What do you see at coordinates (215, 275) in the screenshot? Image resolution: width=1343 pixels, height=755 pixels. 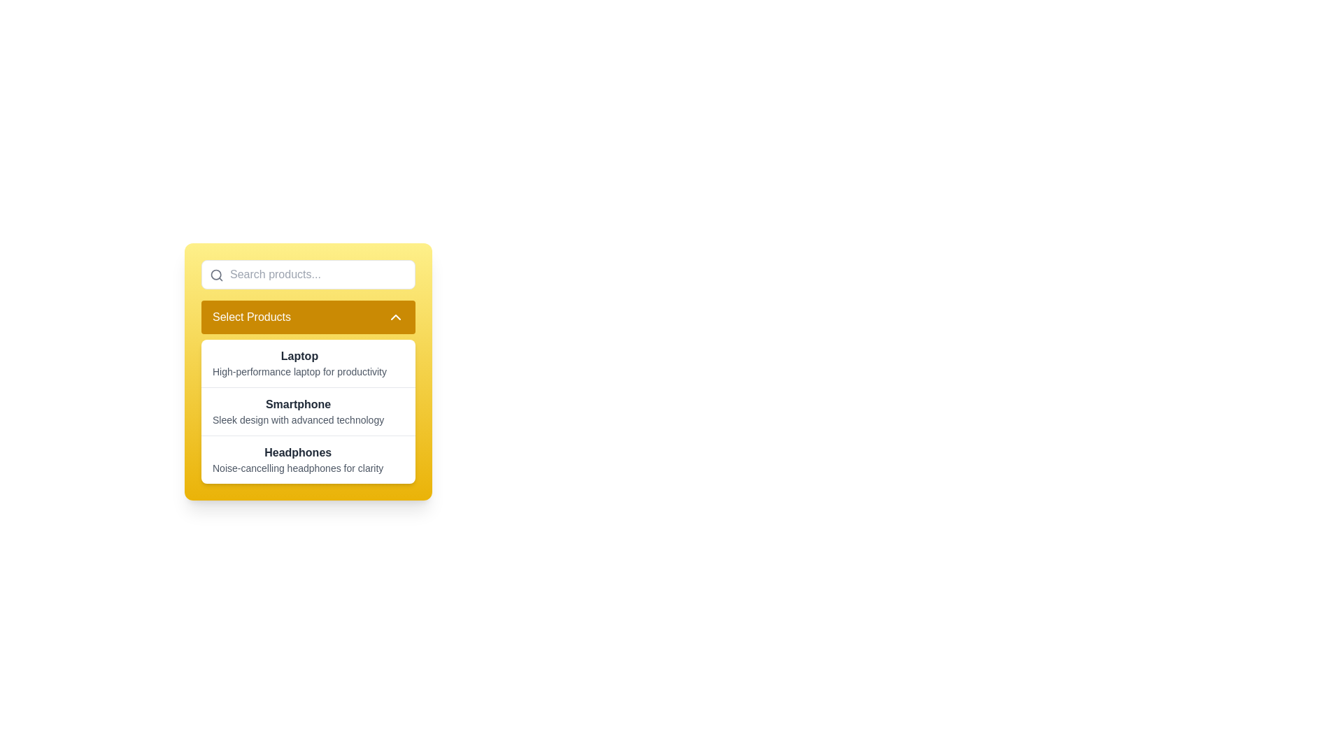 I see `the SVG Circle that is part of the search icon located at the top left corner of the search input field` at bounding box center [215, 275].